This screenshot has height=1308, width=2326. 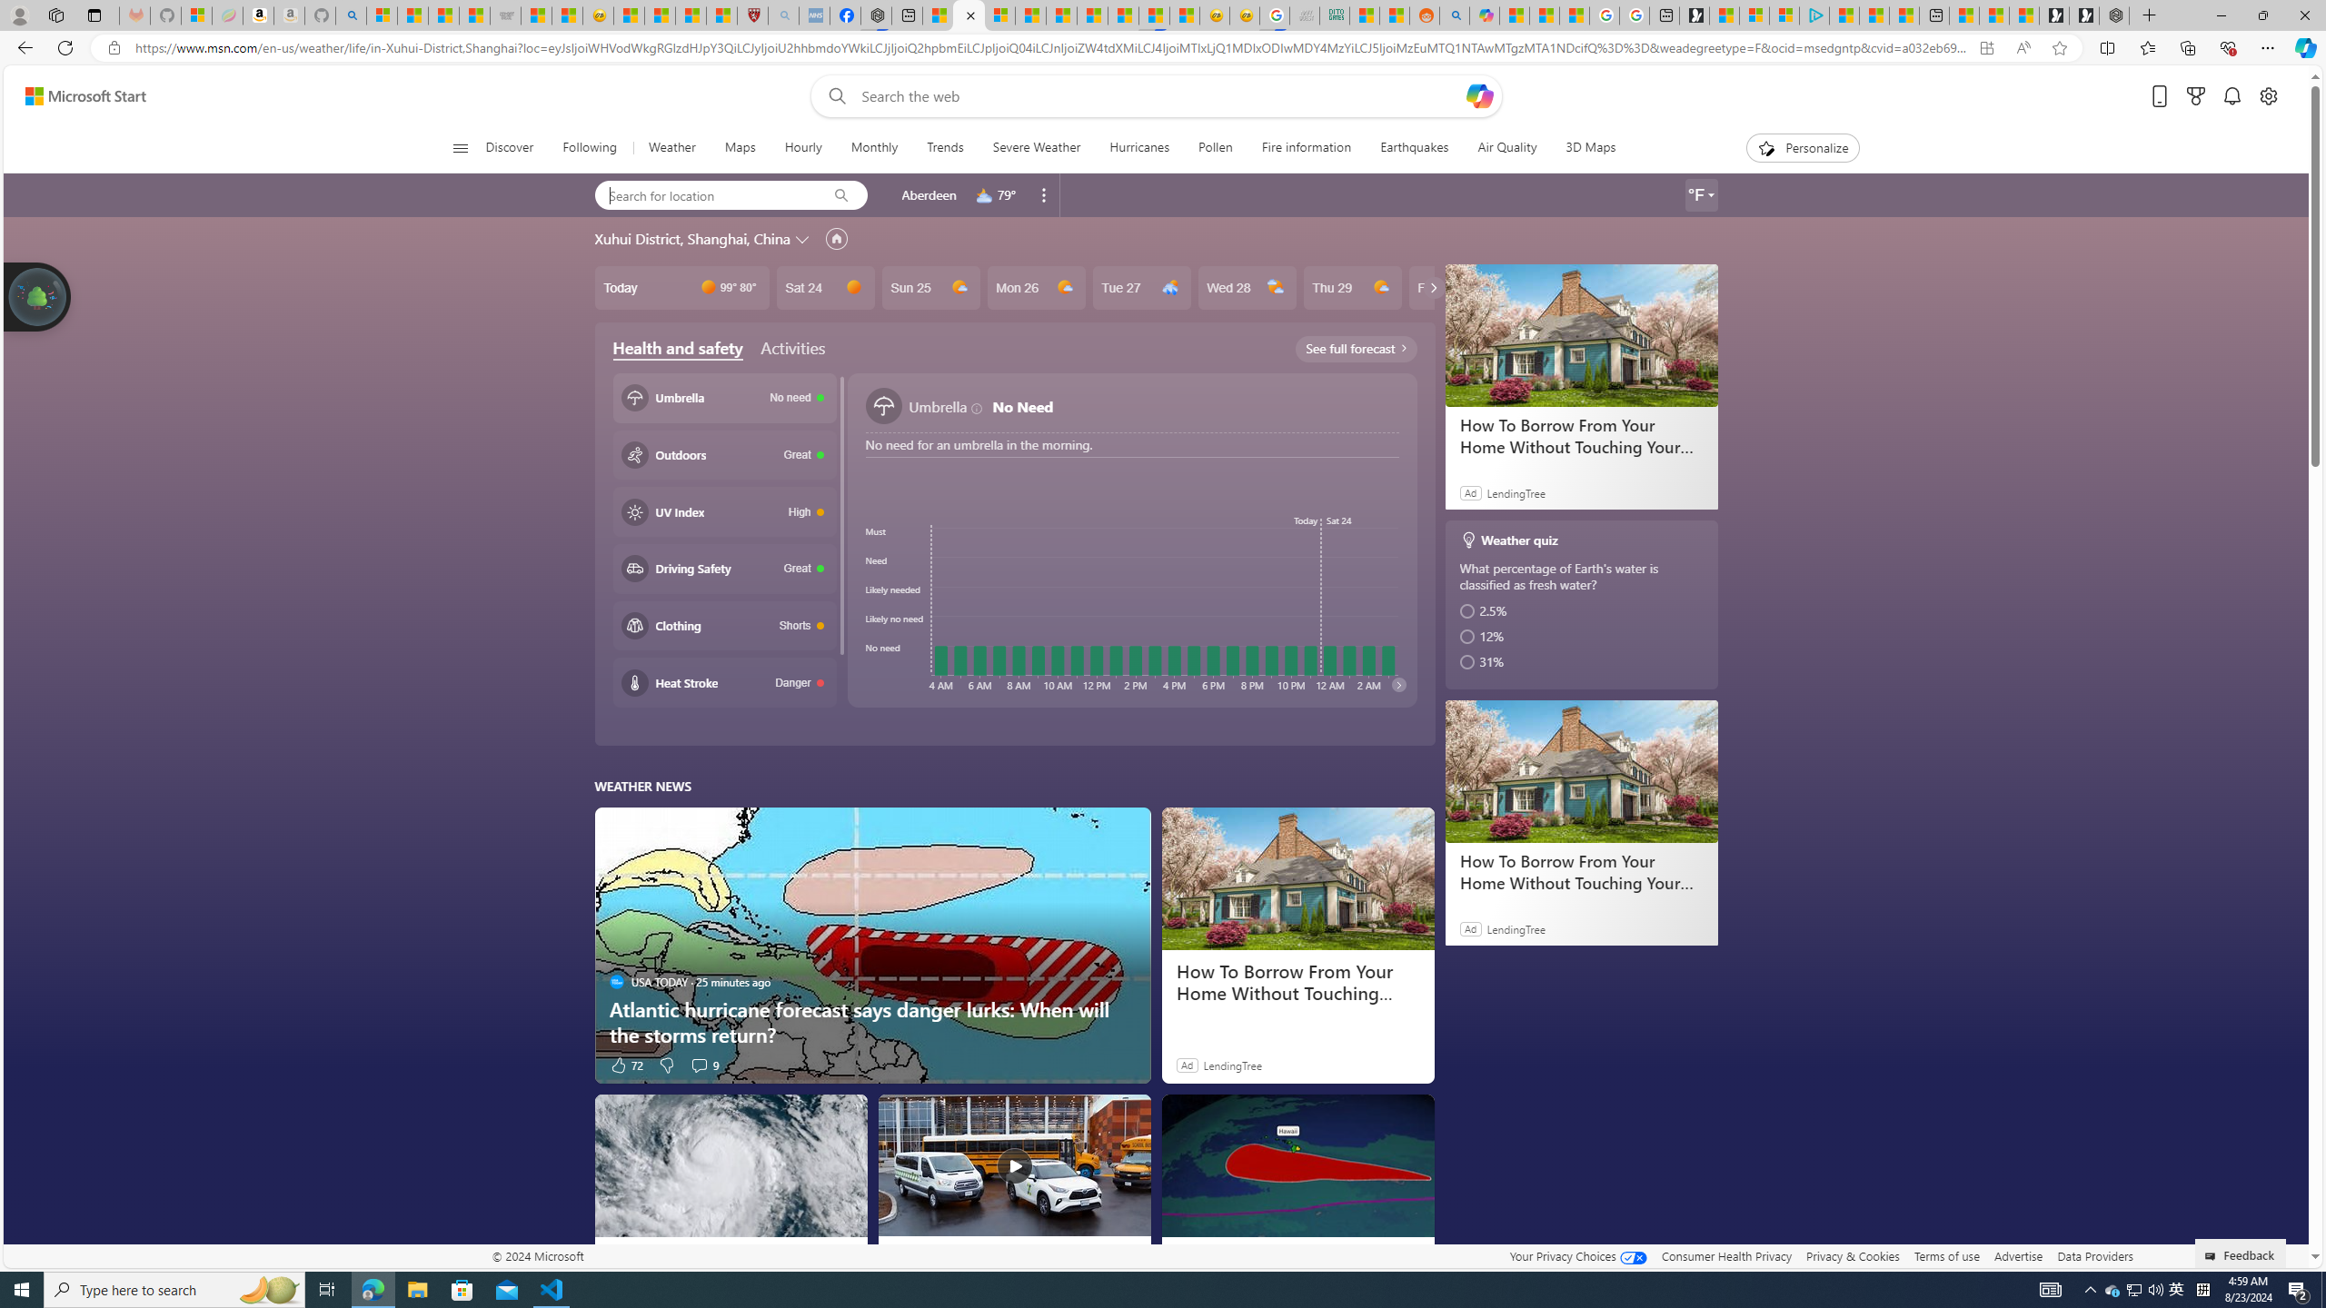 What do you see at coordinates (691, 237) in the screenshot?
I see `'Xuhui District, Shanghai, China'` at bounding box center [691, 237].